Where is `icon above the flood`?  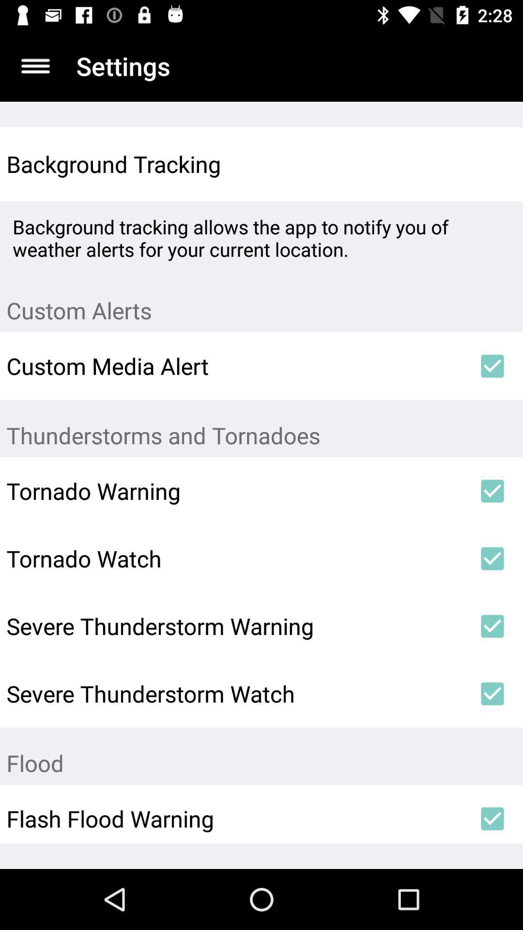 icon above the flood is located at coordinates (492, 693).